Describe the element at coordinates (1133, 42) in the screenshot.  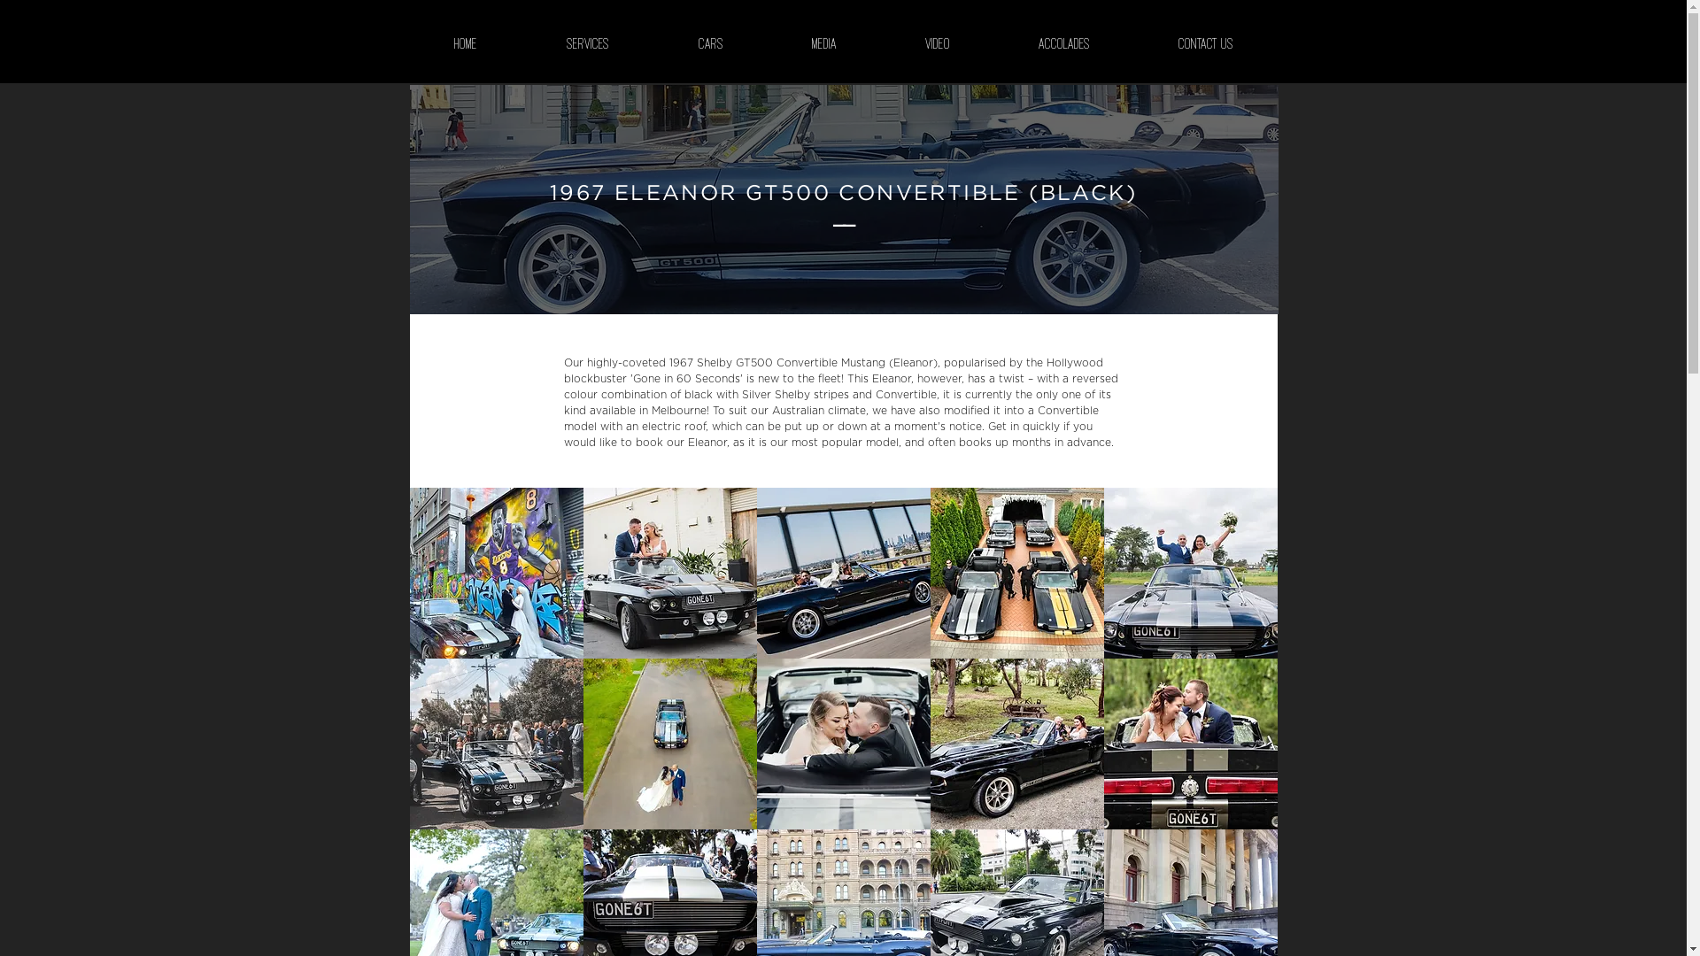
I see `'CONTACT US'` at that location.